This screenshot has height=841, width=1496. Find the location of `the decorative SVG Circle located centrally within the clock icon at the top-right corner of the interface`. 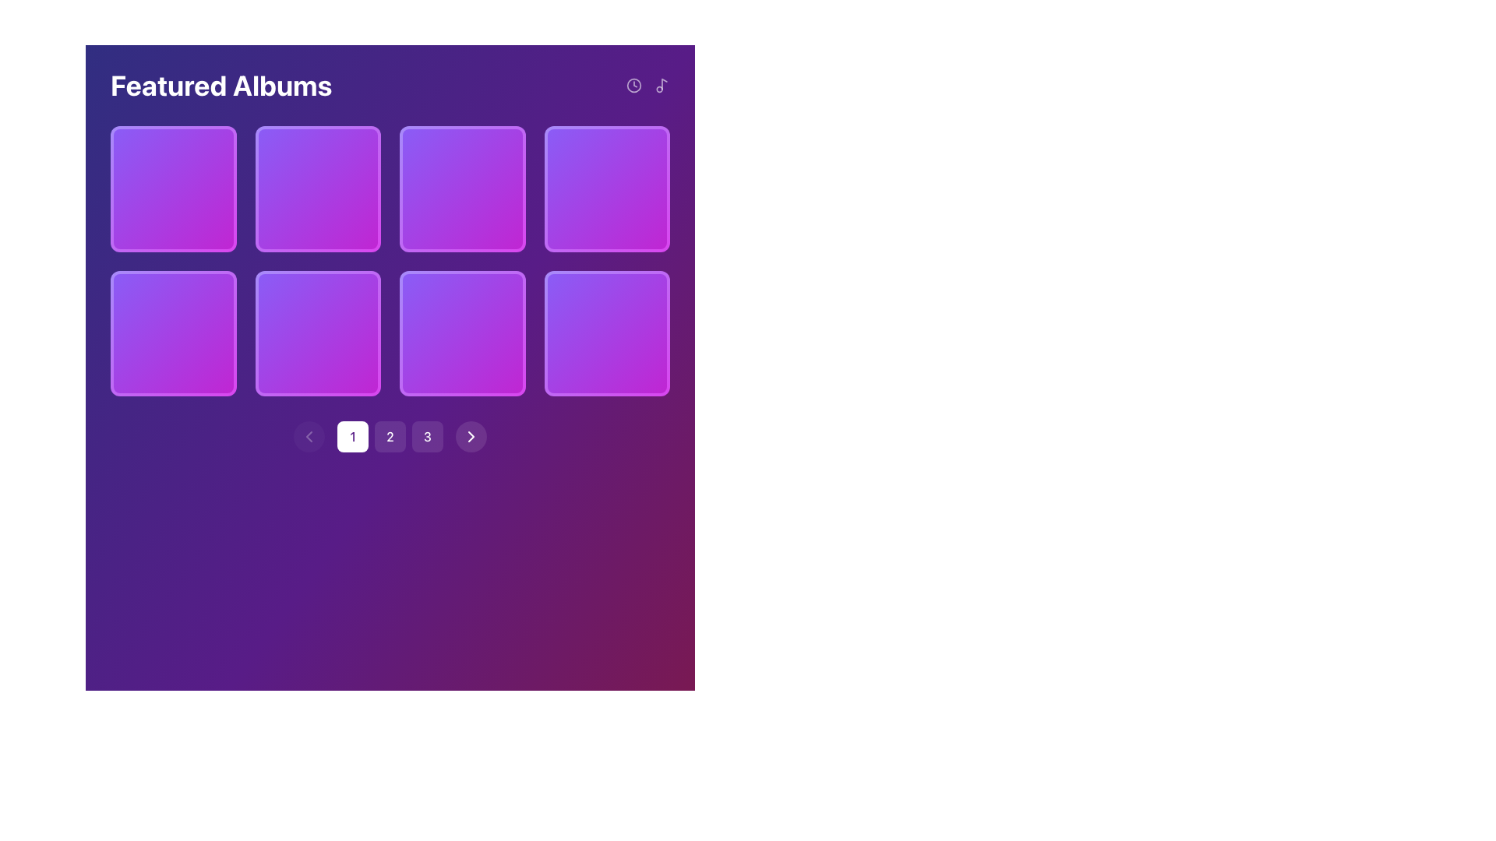

the decorative SVG Circle located centrally within the clock icon at the top-right corner of the interface is located at coordinates (634, 86).